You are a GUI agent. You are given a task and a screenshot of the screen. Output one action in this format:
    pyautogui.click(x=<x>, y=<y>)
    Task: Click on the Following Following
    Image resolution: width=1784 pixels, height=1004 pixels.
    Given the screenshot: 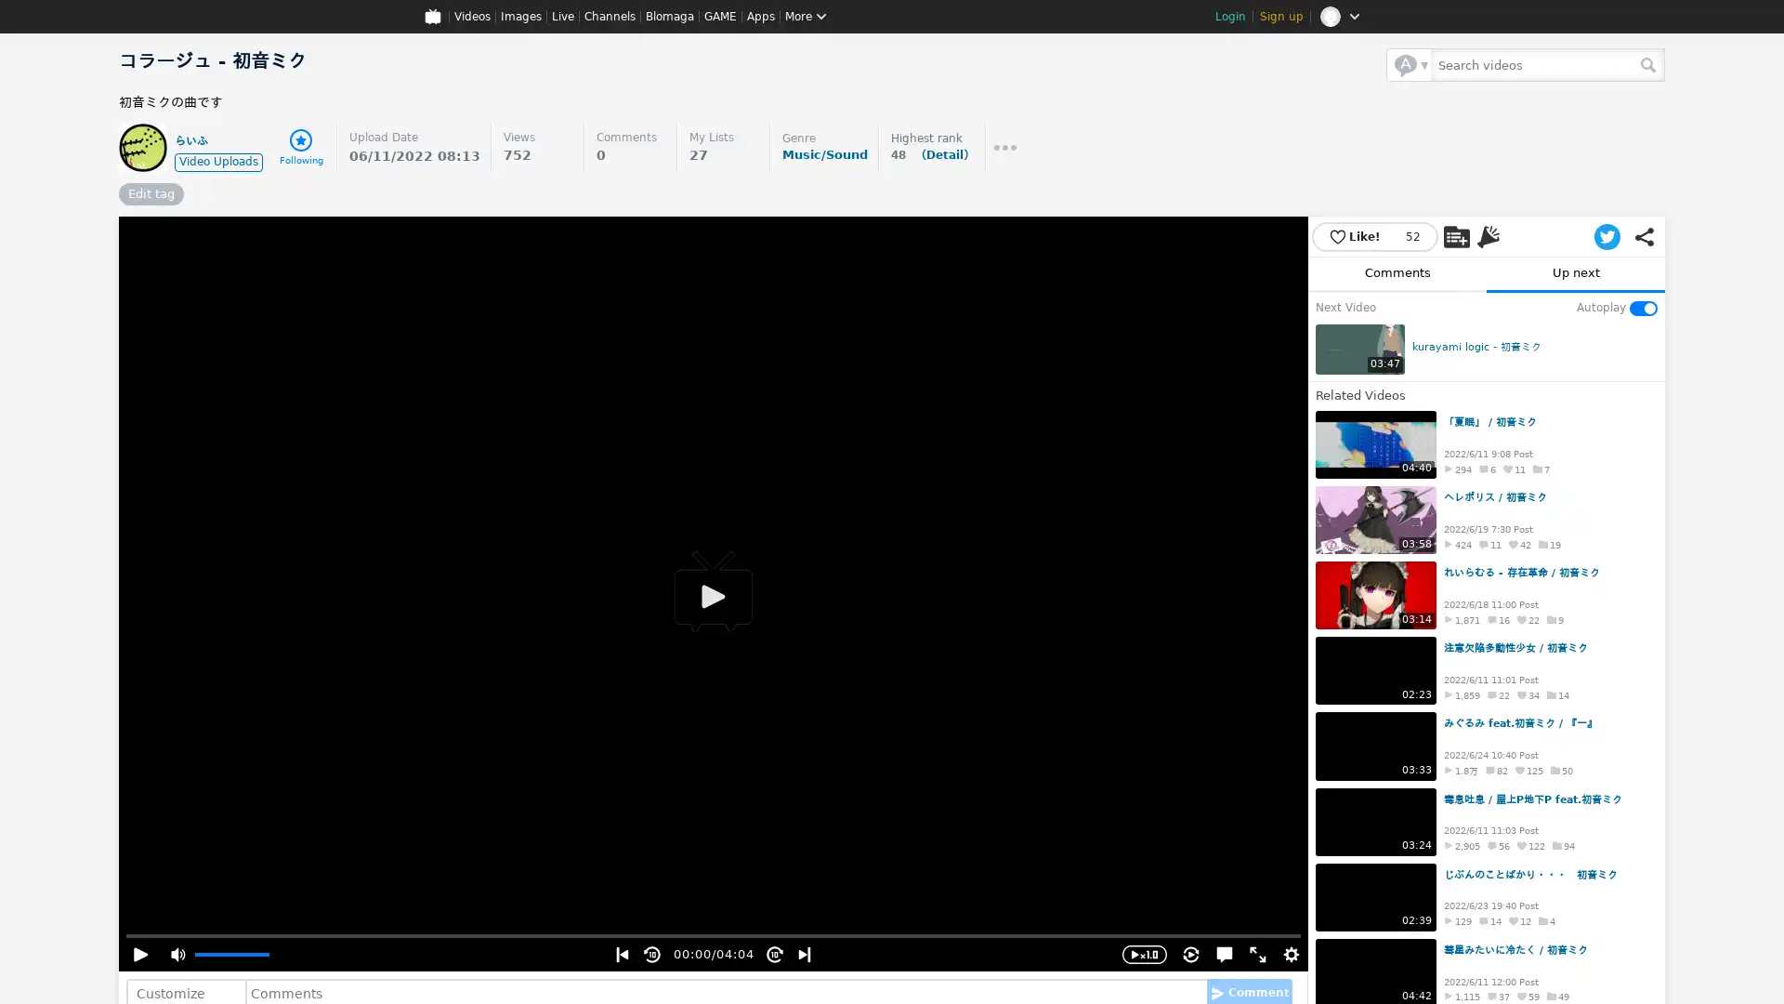 What is the action you would take?
    pyautogui.click(x=301, y=146)
    